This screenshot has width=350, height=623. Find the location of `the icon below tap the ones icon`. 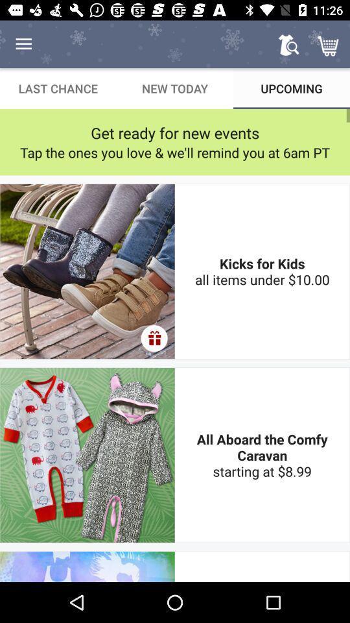

the icon below tap the ones icon is located at coordinates (154, 337).